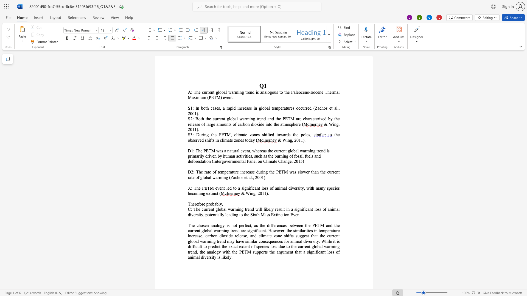  I want to click on the 1th character "e" in the text, so click(338, 135).